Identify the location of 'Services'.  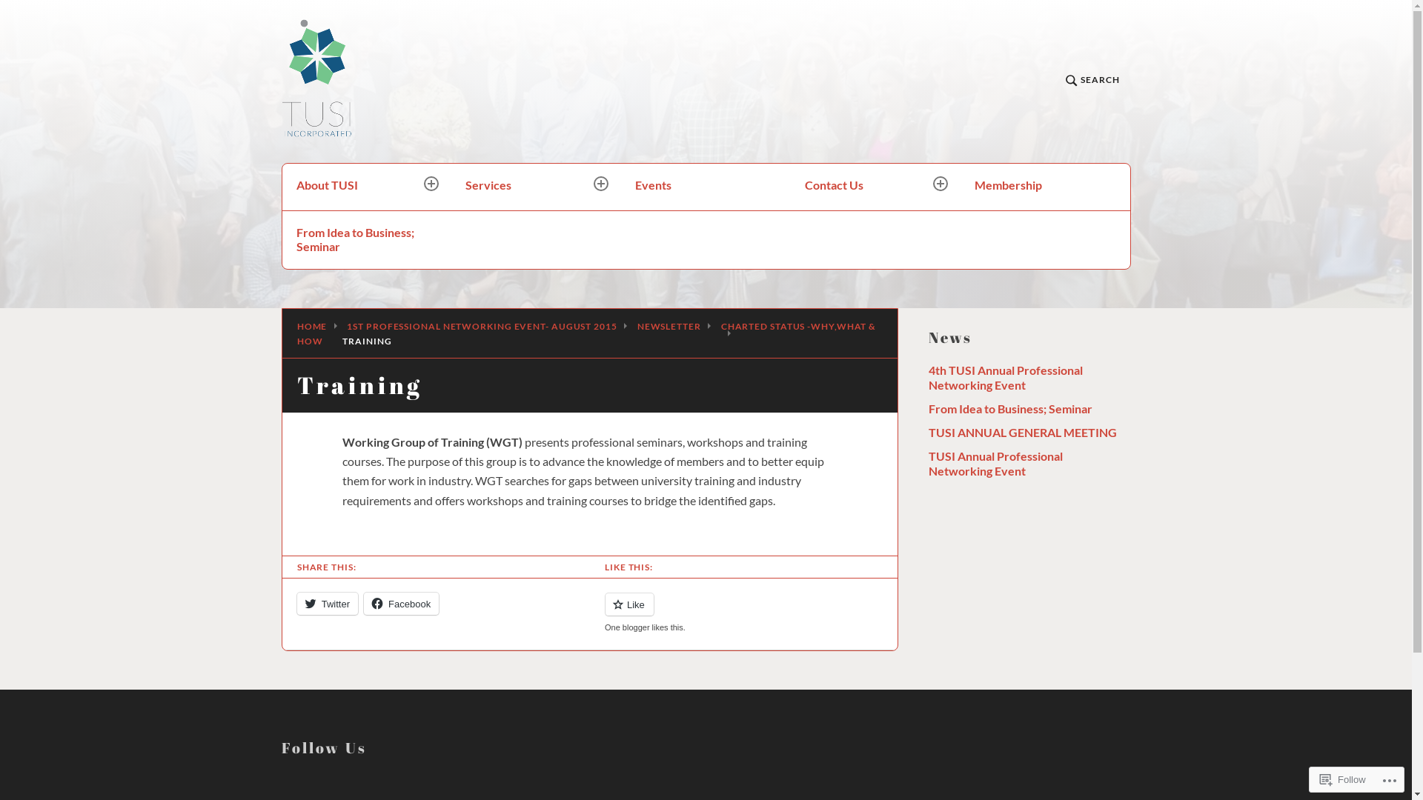
(535, 186).